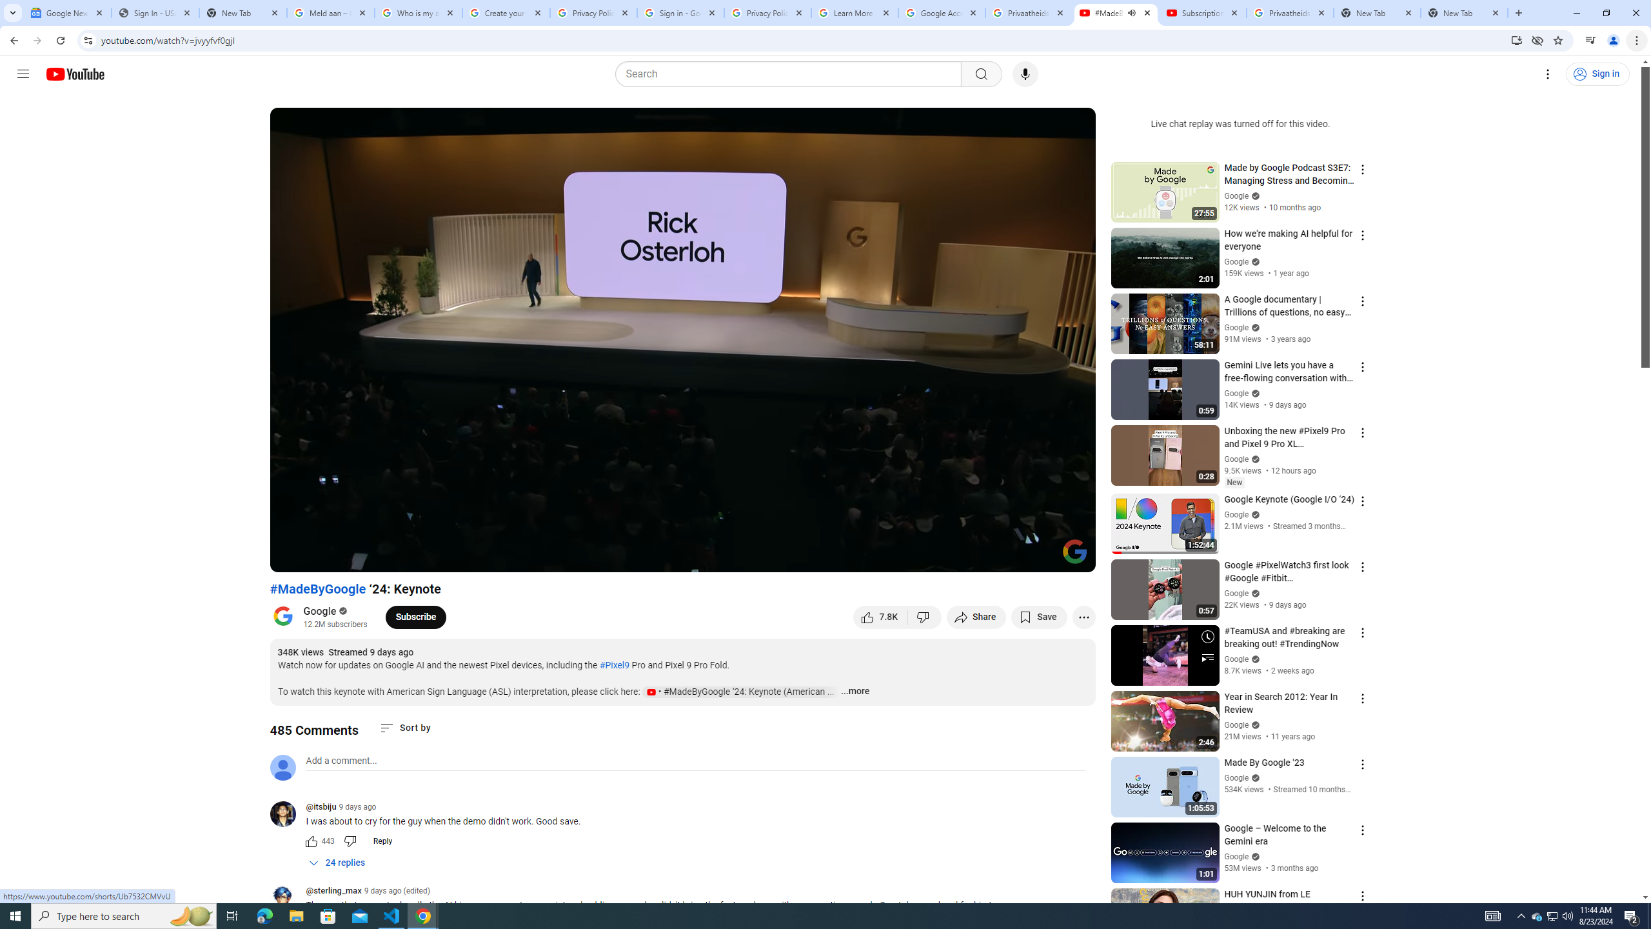  I want to click on 'Full screen (f)', so click(1072, 556).